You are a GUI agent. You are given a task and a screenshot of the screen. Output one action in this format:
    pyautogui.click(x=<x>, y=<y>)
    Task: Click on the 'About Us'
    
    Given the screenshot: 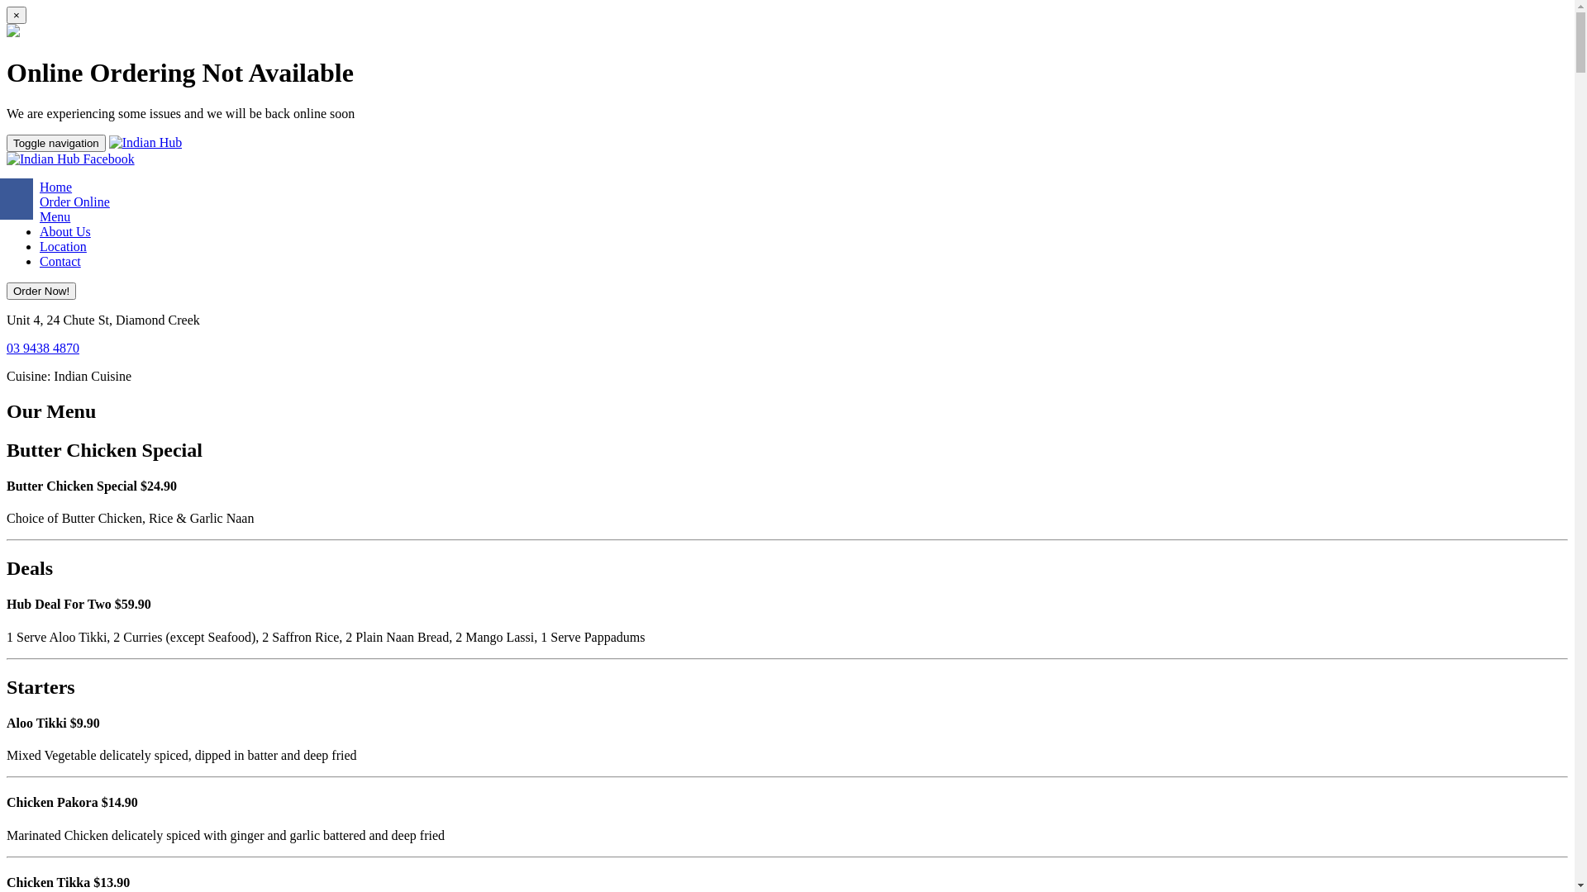 What is the action you would take?
    pyautogui.click(x=64, y=231)
    